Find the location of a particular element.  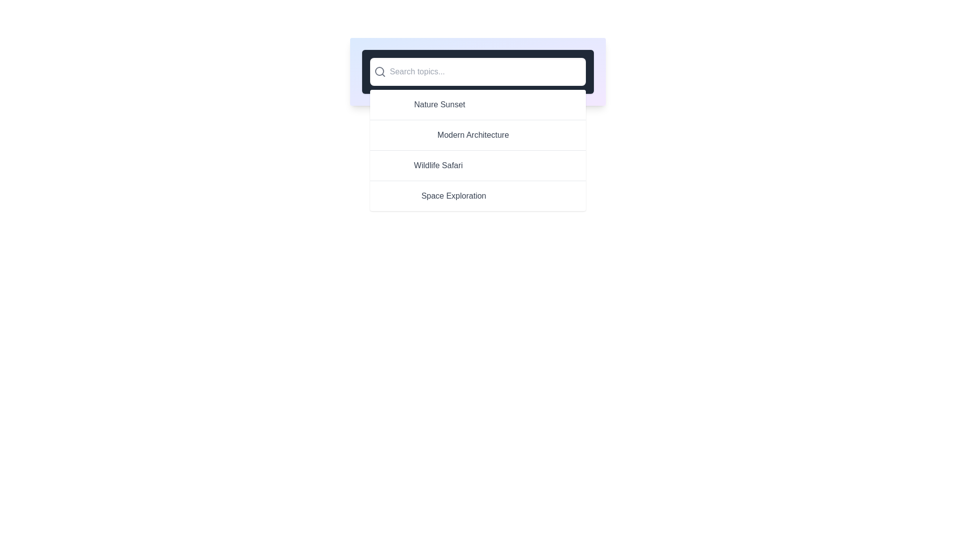

the 'Nature Sunset' text label, which is the first option in the dropdown list below the 'Search topics...' input field is located at coordinates (440, 104).